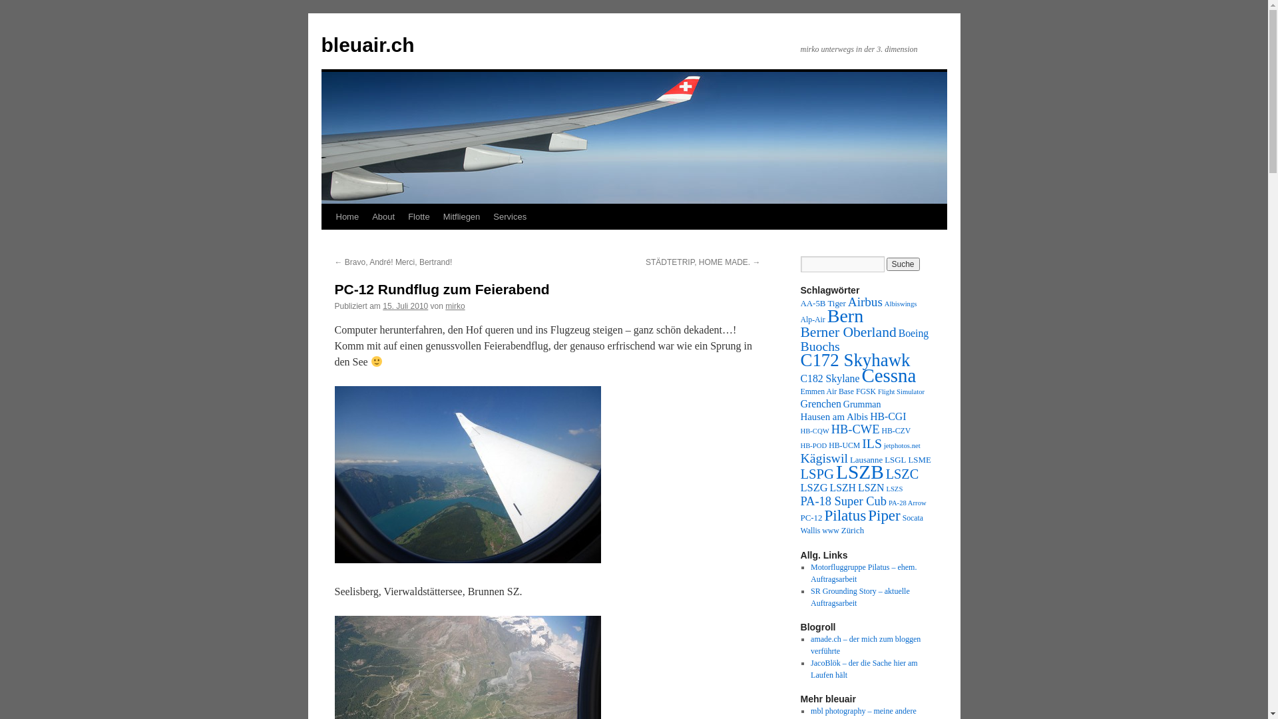 The width and height of the screenshot is (1278, 719). Describe the element at coordinates (799, 445) in the screenshot. I see `'HB-POD'` at that location.